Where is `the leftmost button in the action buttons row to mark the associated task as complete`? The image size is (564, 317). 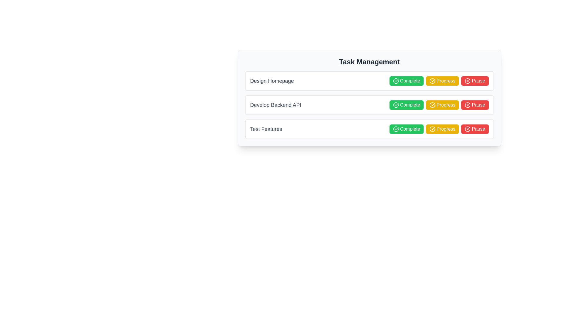
the leftmost button in the action buttons row to mark the associated task as complete is located at coordinates (406, 81).